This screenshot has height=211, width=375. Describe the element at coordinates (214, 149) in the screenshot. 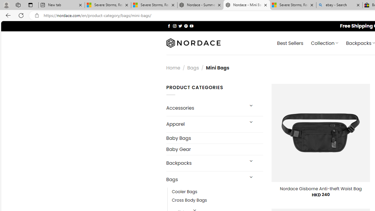

I see `'Baby Gear'` at that location.